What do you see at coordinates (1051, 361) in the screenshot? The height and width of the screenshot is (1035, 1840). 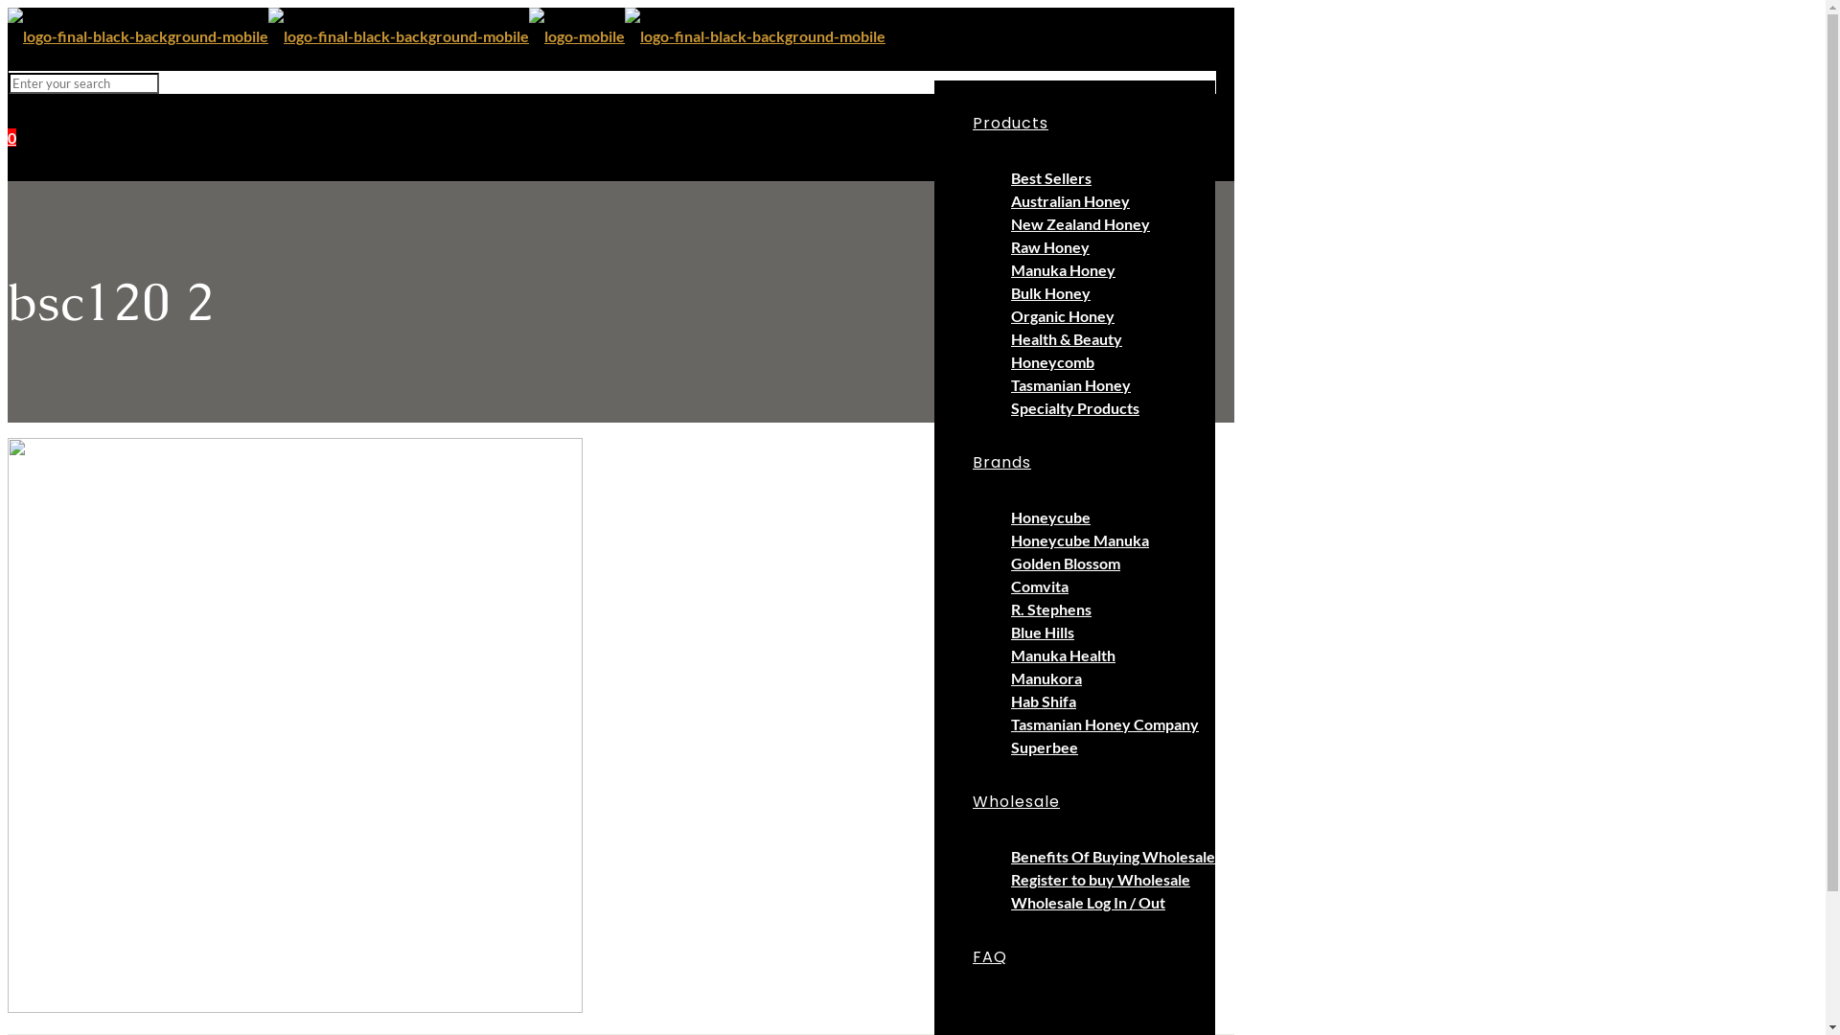 I see `'Honeycomb'` at bounding box center [1051, 361].